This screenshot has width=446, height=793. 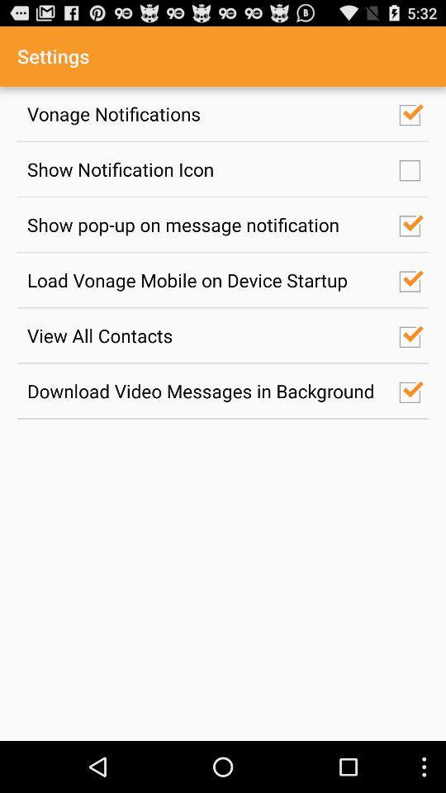 I want to click on the icon below show pop up item, so click(x=204, y=280).